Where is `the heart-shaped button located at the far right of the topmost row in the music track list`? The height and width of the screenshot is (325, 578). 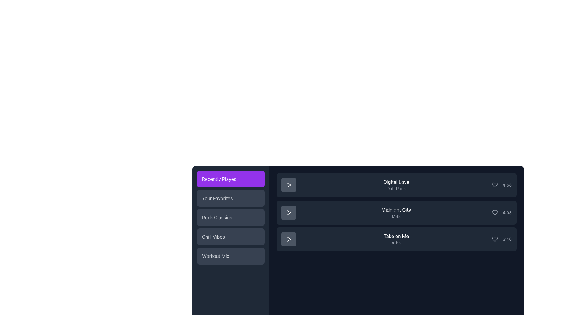 the heart-shaped button located at the far right of the topmost row in the music track list is located at coordinates (495, 184).